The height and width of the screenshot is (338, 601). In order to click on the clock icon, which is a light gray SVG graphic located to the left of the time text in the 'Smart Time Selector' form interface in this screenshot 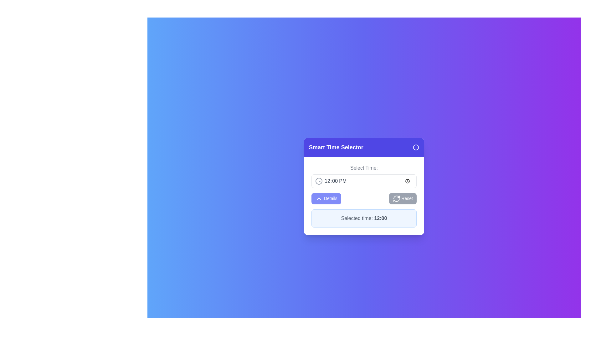, I will do `click(319, 181)`.